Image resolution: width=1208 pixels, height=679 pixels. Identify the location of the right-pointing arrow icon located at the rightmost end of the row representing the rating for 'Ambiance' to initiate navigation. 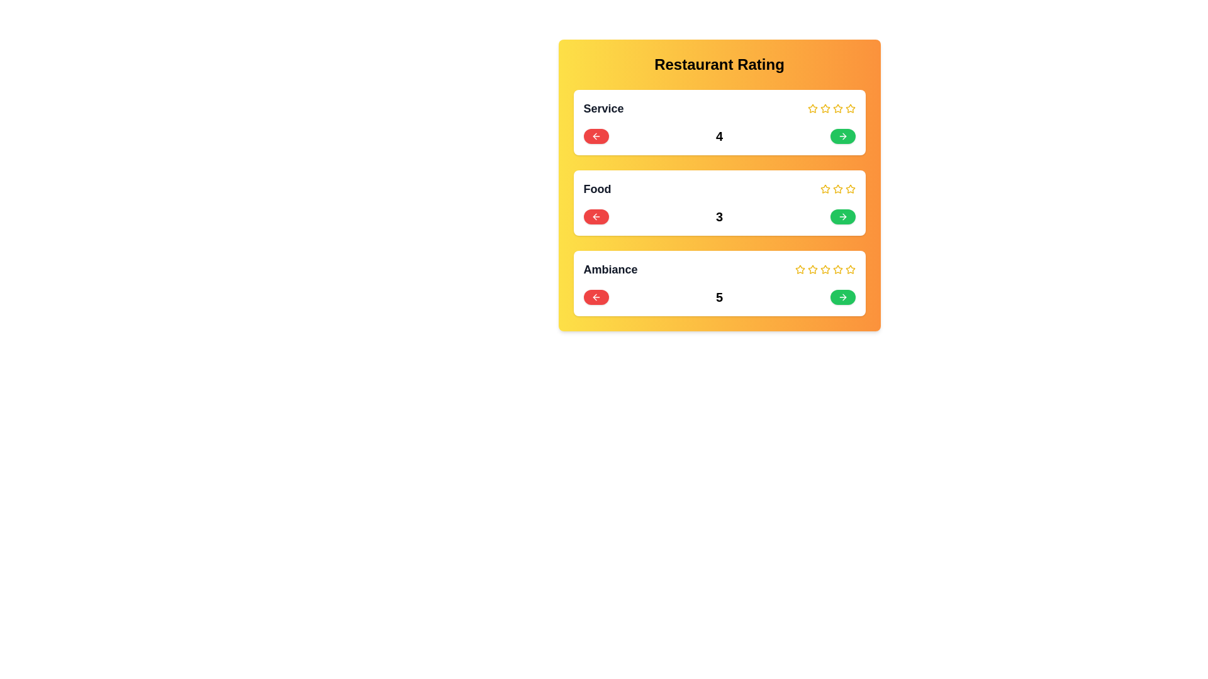
(844, 297).